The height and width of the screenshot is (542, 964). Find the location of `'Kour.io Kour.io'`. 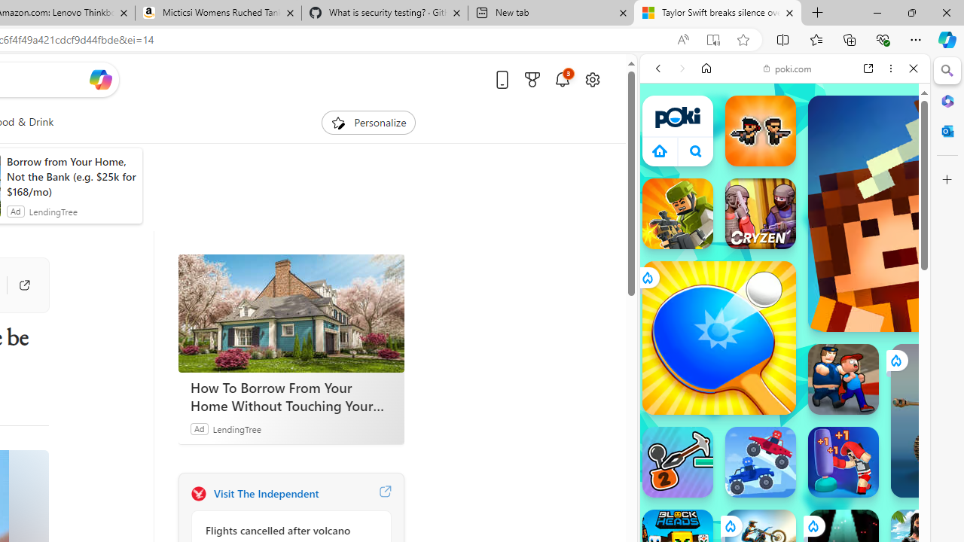

'Kour.io Kour.io' is located at coordinates (676, 214).